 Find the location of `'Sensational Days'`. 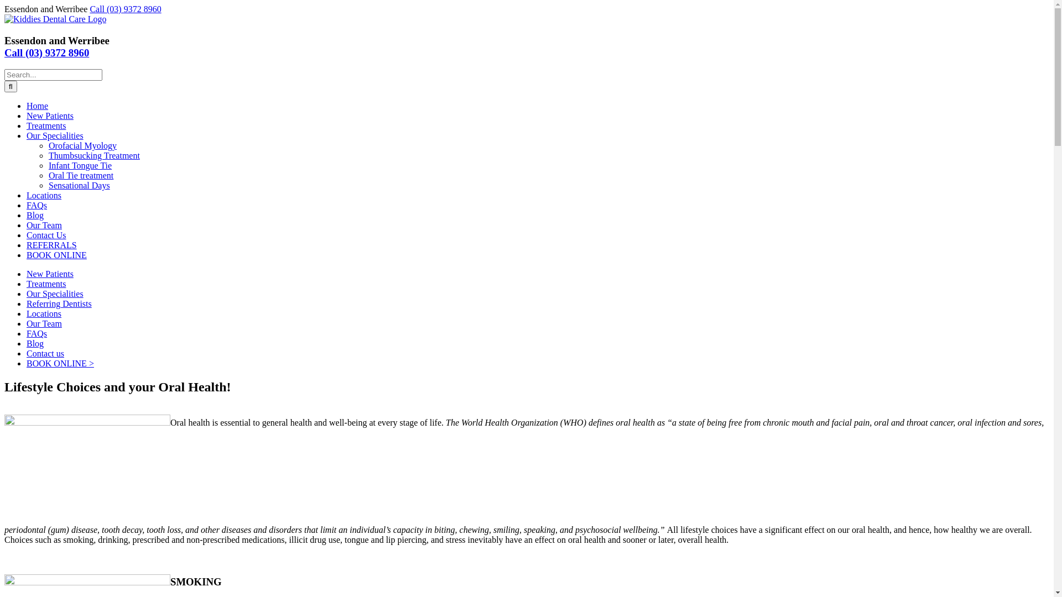

'Sensational Days' is located at coordinates (79, 185).